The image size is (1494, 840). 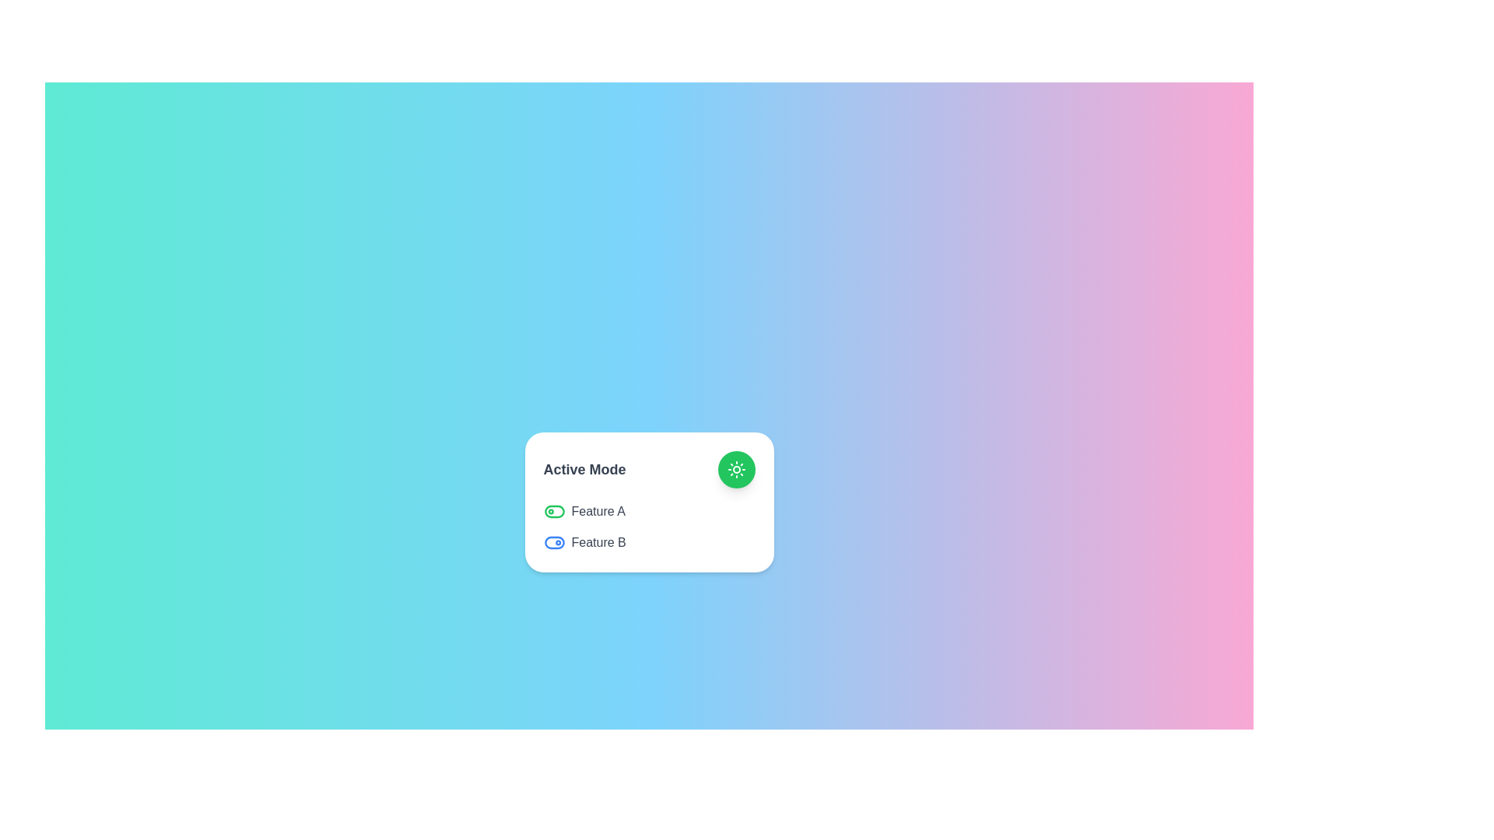 What do you see at coordinates (554, 512) in the screenshot?
I see `the appearance of the background rectangle for the toggle switch located in the top-right area of the card labeled 'Active Mode'` at bounding box center [554, 512].